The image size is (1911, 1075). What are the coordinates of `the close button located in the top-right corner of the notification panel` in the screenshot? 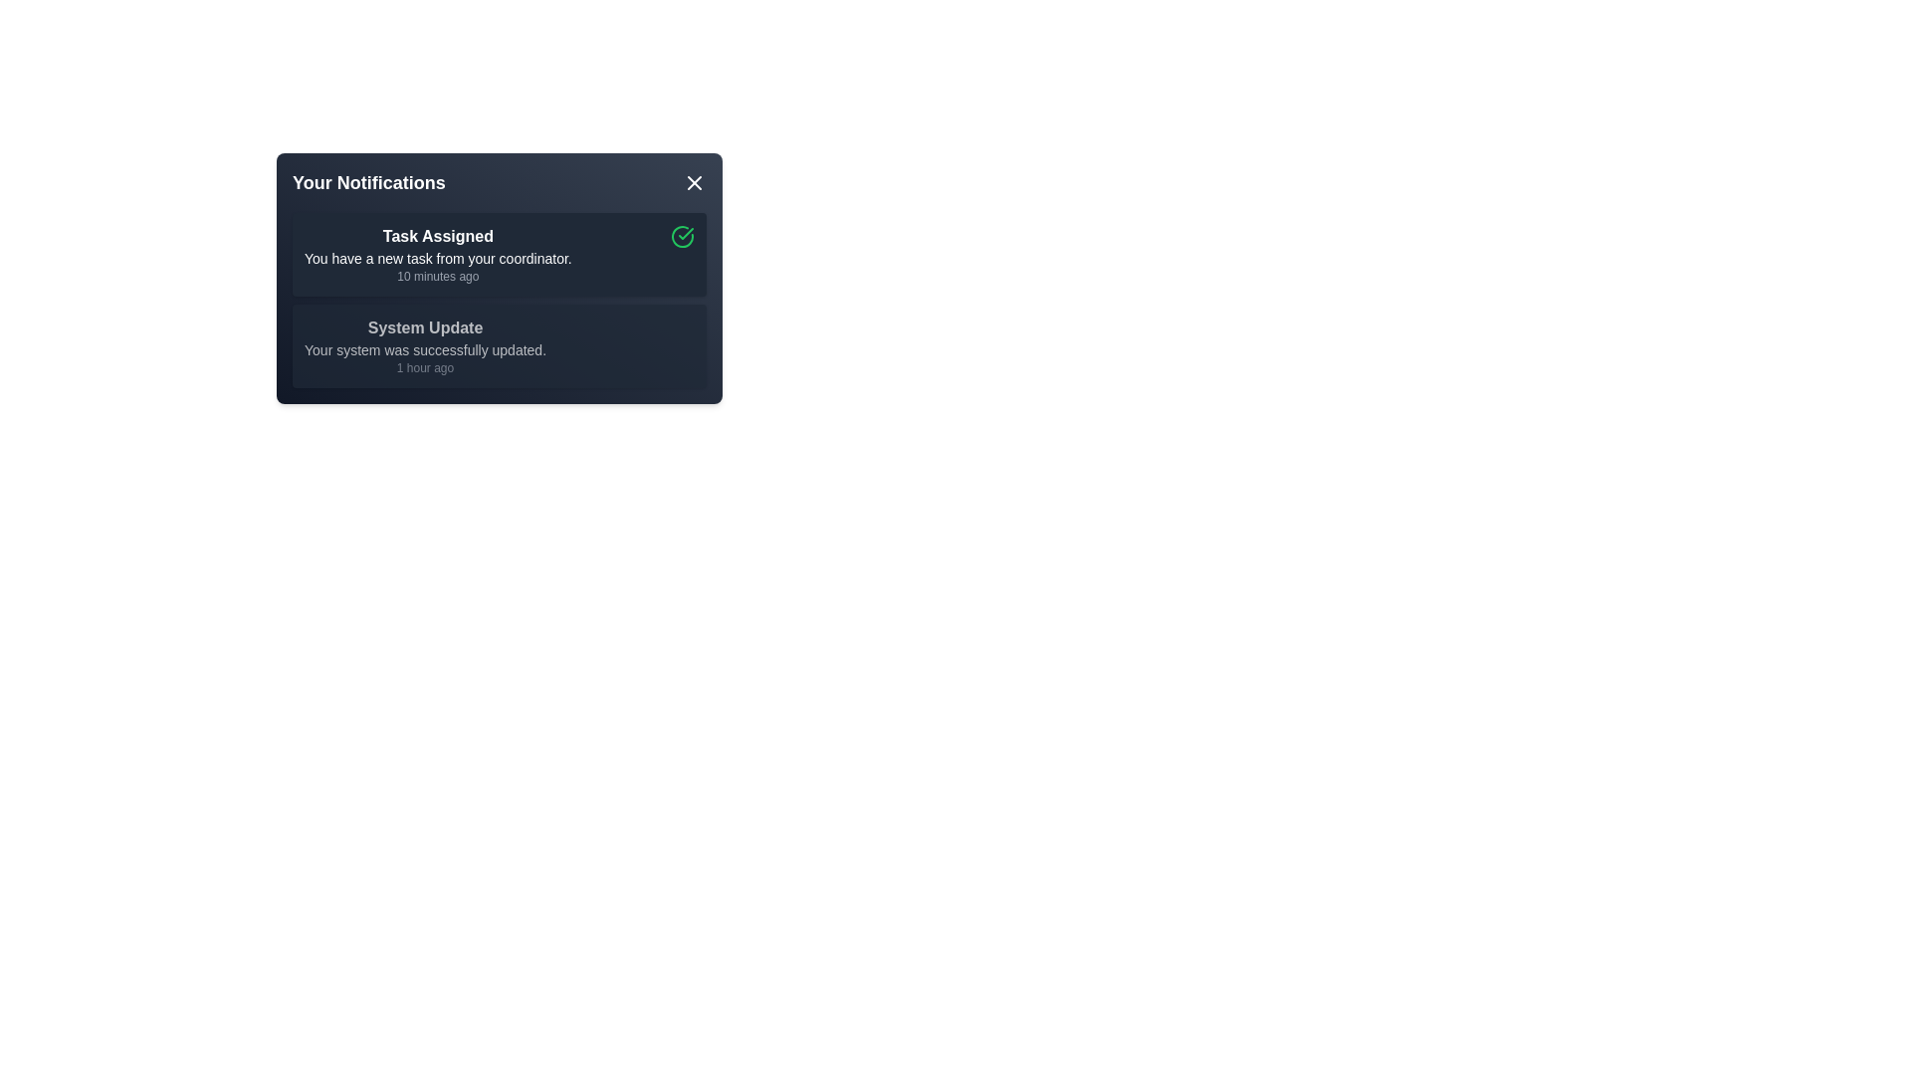 It's located at (694, 183).